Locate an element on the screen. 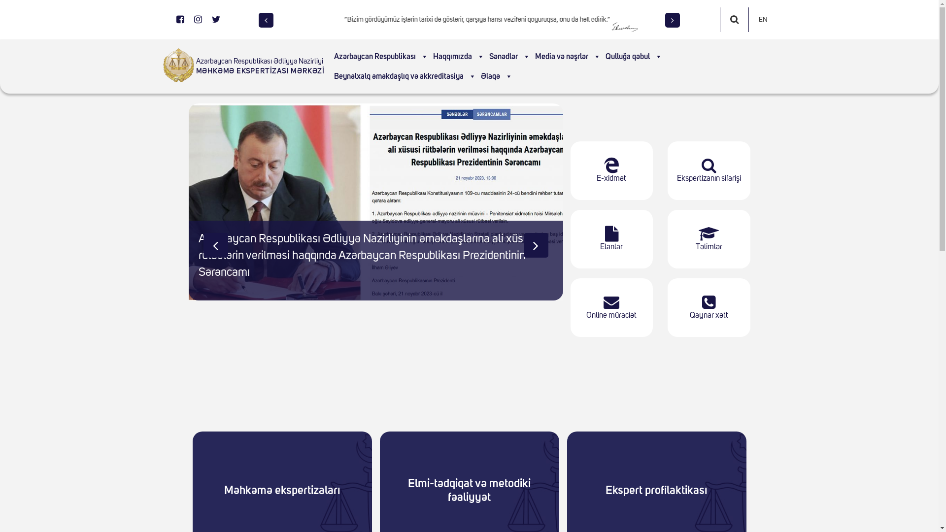 Image resolution: width=946 pixels, height=532 pixels. 'EN' is located at coordinates (758, 19).